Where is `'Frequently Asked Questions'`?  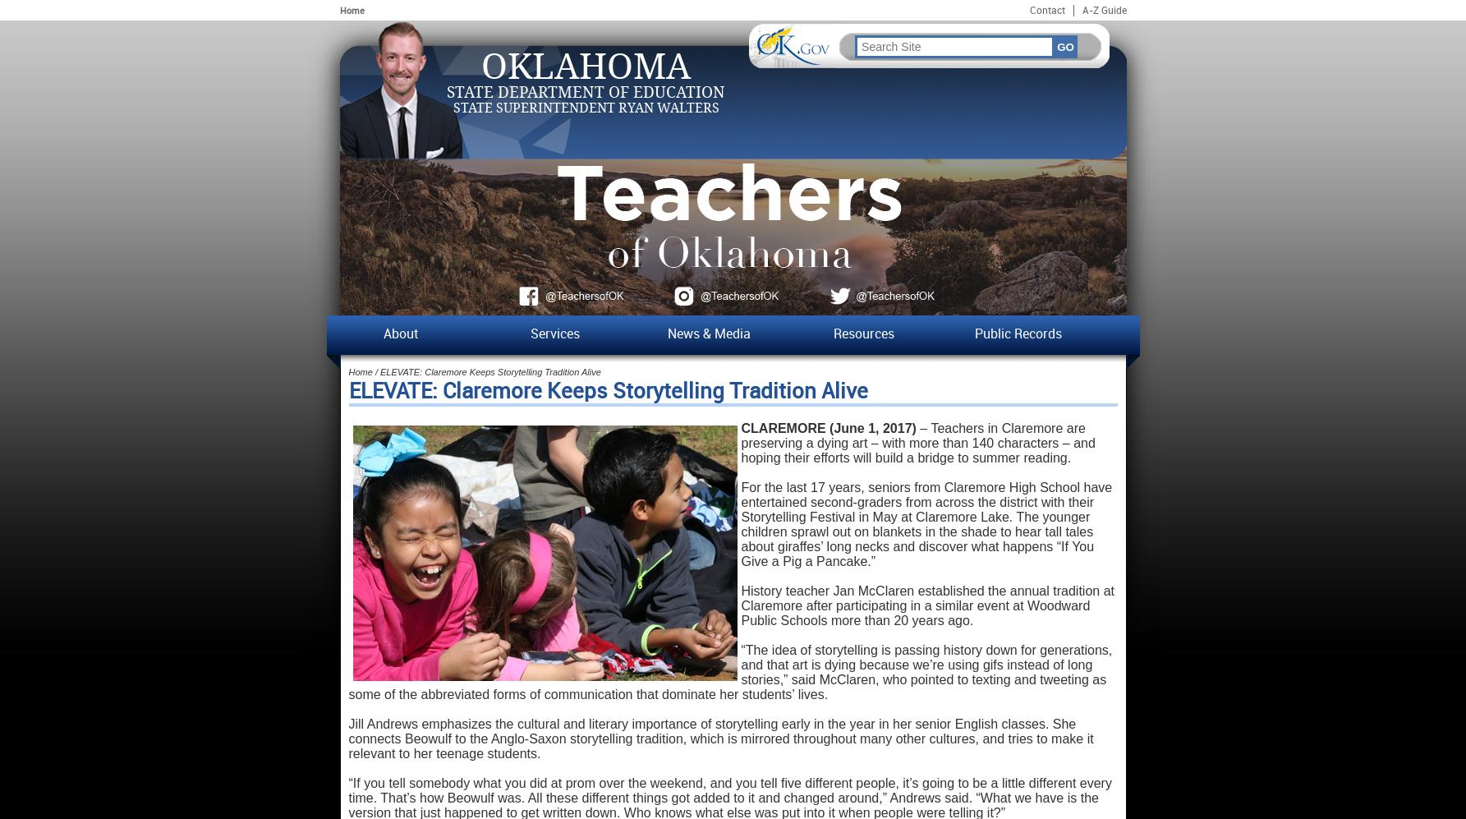 'Frequently Asked Questions' is located at coordinates (871, 413).